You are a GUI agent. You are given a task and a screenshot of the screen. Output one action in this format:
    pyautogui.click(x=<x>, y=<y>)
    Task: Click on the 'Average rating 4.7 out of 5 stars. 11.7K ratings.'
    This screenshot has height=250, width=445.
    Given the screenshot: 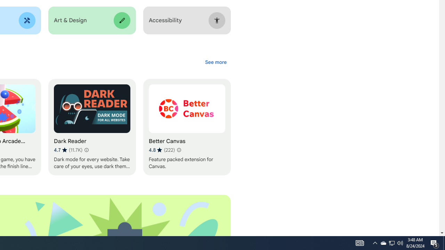 What is the action you would take?
    pyautogui.click(x=68, y=150)
    